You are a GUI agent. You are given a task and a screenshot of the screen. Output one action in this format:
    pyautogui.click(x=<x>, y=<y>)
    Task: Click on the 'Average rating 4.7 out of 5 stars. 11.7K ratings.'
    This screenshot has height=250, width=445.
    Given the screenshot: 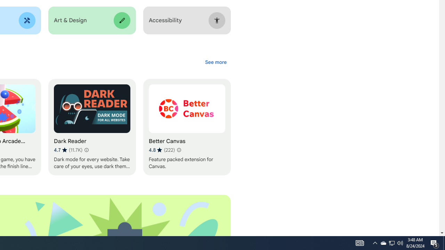 What is the action you would take?
    pyautogui.click(x=68, y=150)
    